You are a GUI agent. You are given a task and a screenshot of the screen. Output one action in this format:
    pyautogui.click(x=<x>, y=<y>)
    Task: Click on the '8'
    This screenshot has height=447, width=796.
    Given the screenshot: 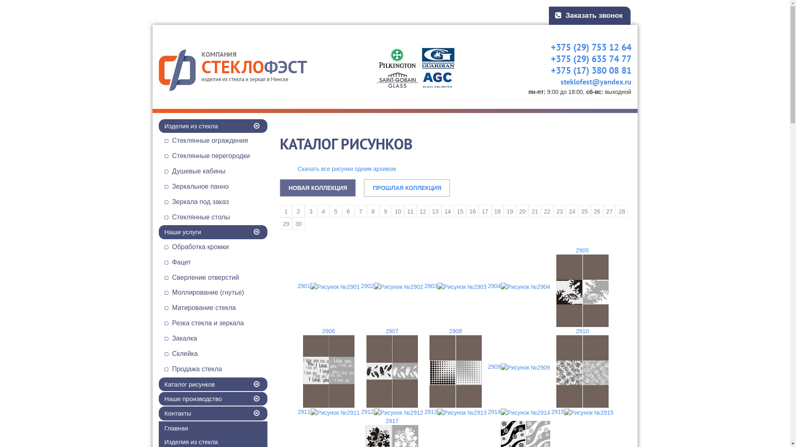 What is the action you would take?
    pyautogui.click(x=373, y=210)
    